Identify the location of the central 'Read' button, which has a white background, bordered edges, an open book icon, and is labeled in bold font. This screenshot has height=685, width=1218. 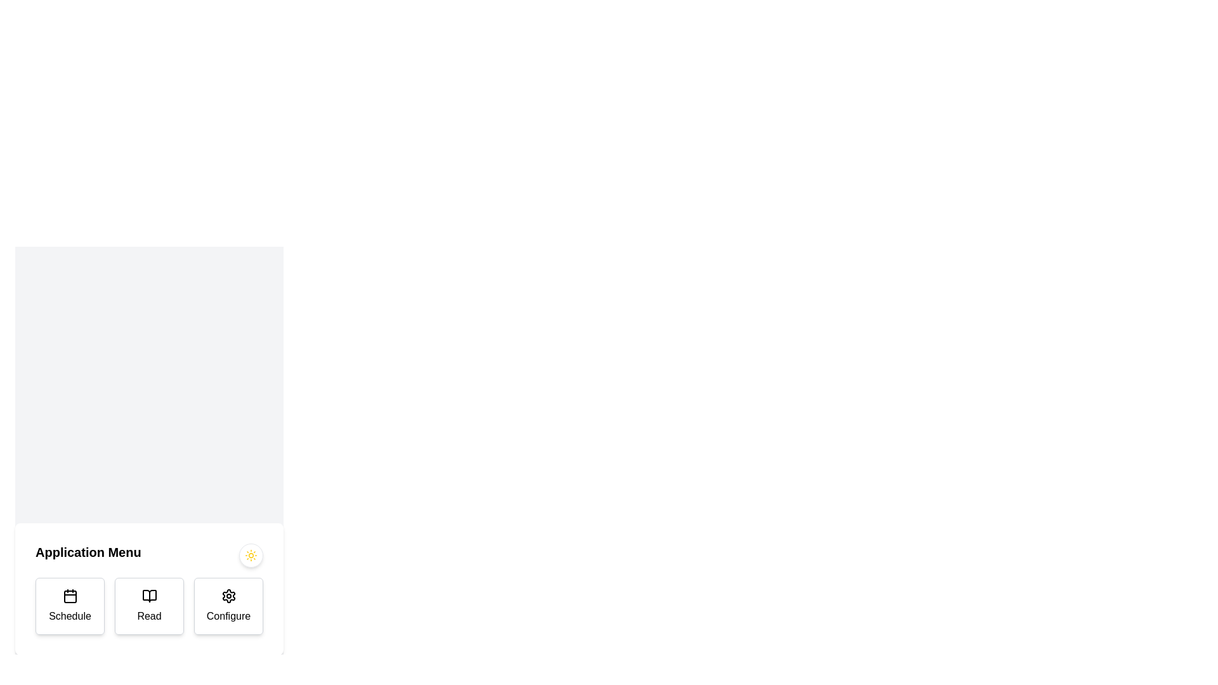
(149, 589).